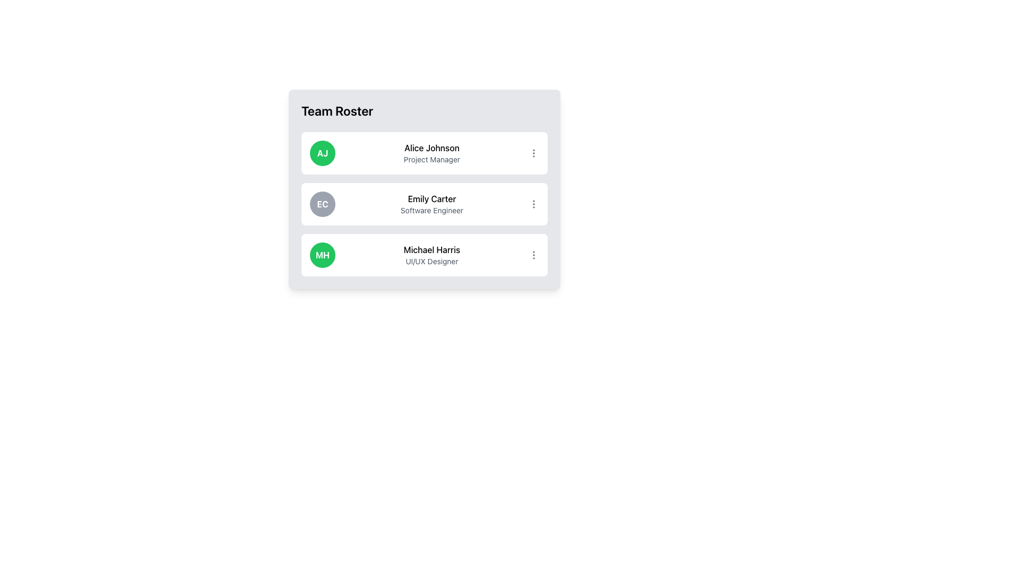 This screenshot has height=573, width=1019. Describe the element at coordinates (432, 159) in the screenshot. I see `the gray text label 'Project Manager', which is positioned below the bold name 'Alice Johnson' in the card layout` at that location.